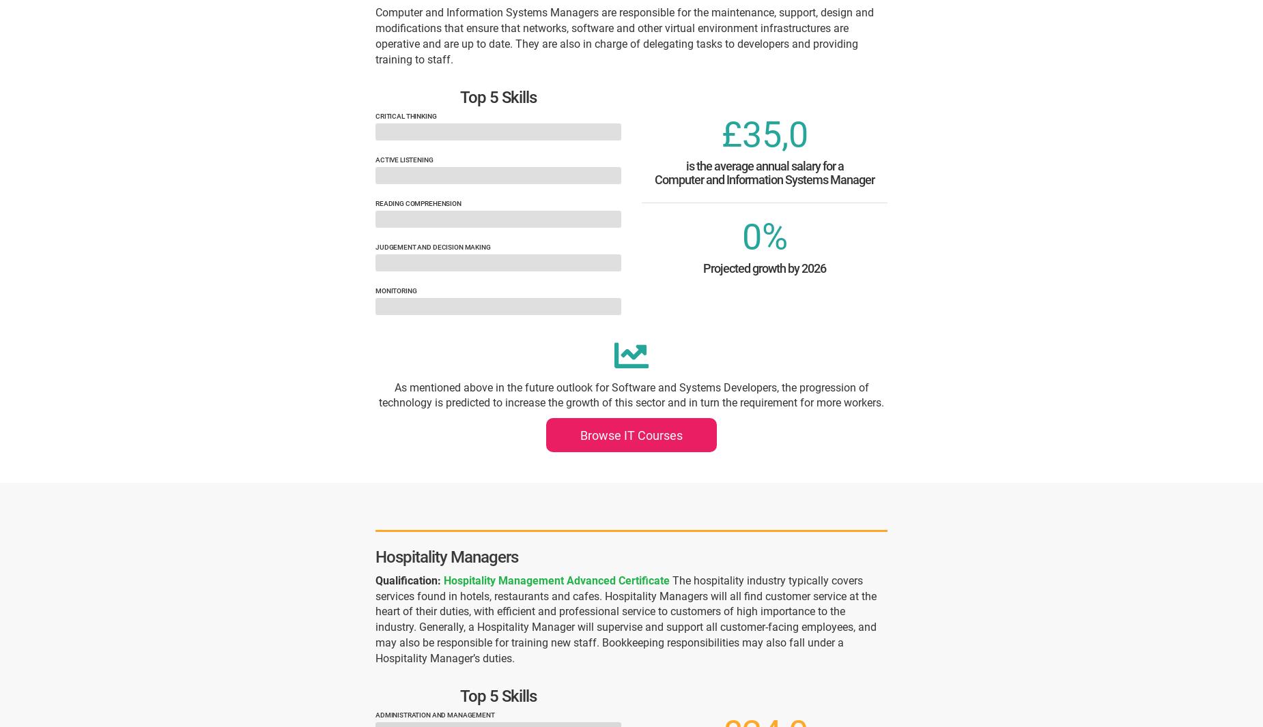  What do you see at coordinates (418, 203) in the screenshot?
I see `'Reading Comprehension'` at bounding box center [418, 203].